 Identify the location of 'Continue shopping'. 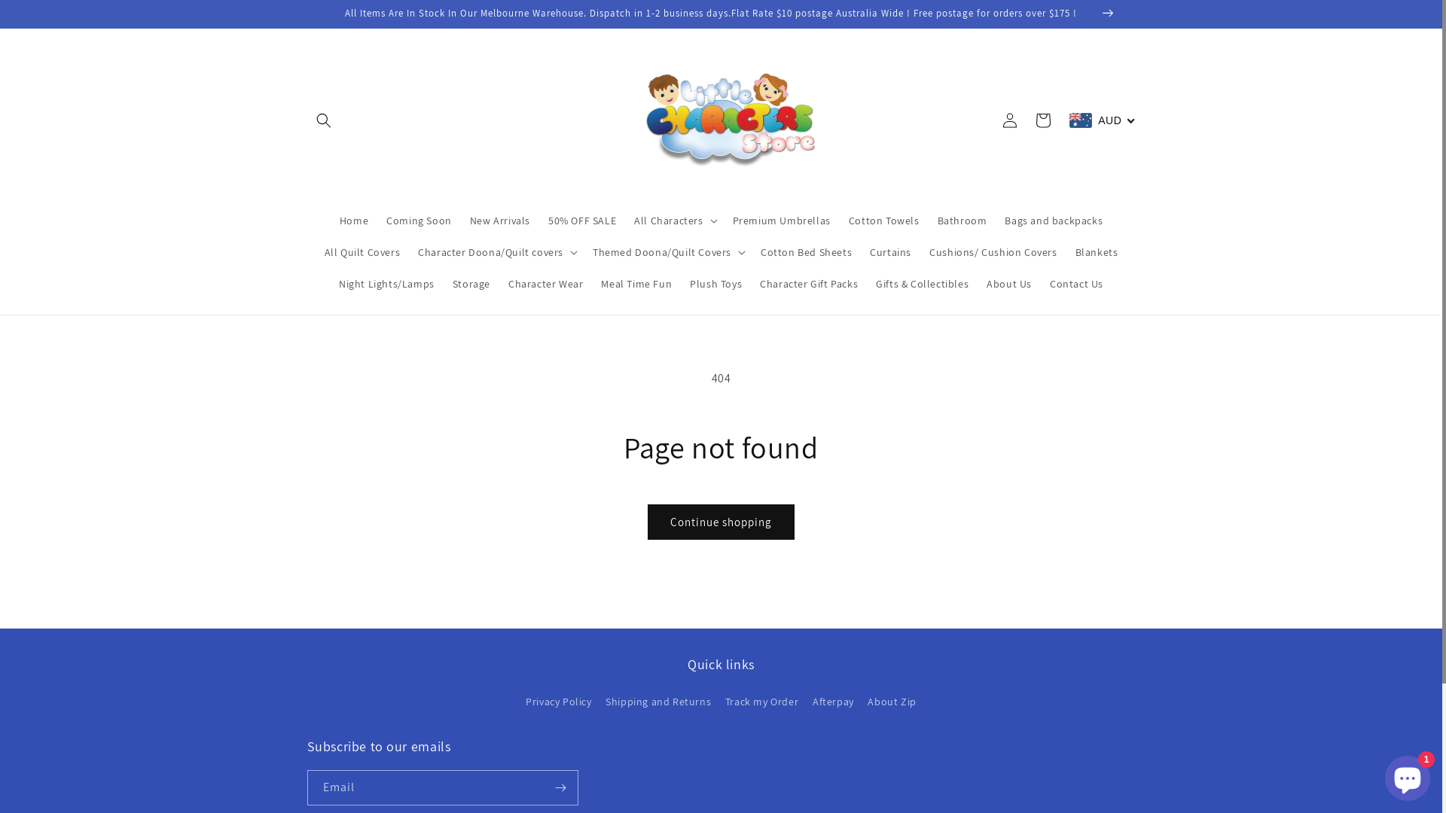
(720, 521).